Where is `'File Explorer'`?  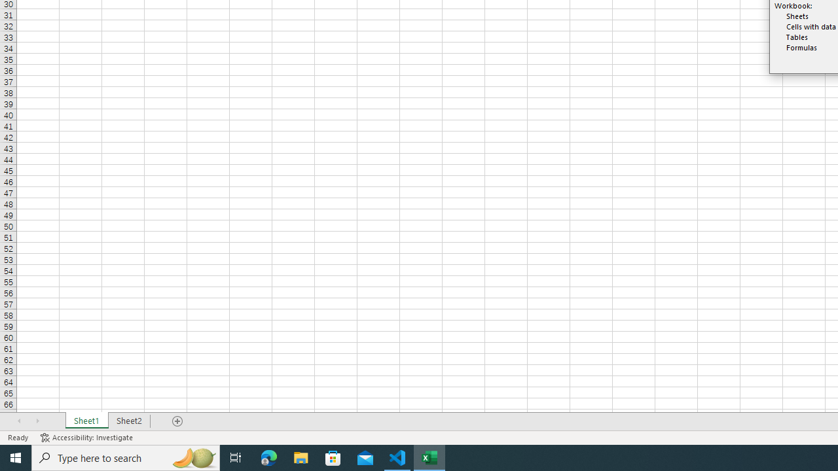 'File Explorer' is located at coordinates (301, 457).